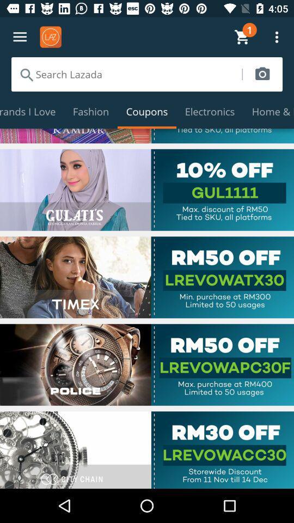  What do you see at coordinates (262, 74) in the screenshot?
I see `the icon above the home & living` at bounding box center [262, 74].